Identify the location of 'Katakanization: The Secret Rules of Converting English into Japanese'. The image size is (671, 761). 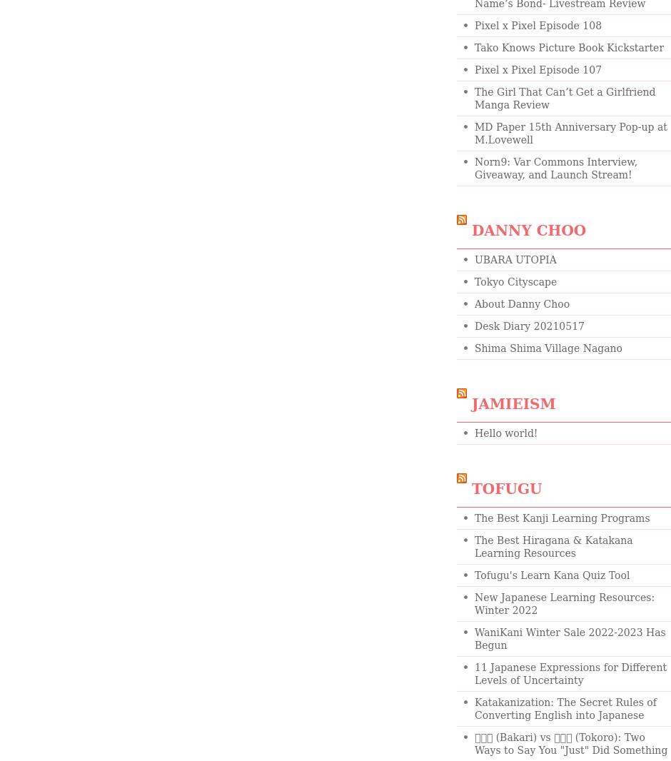
(474, 708).